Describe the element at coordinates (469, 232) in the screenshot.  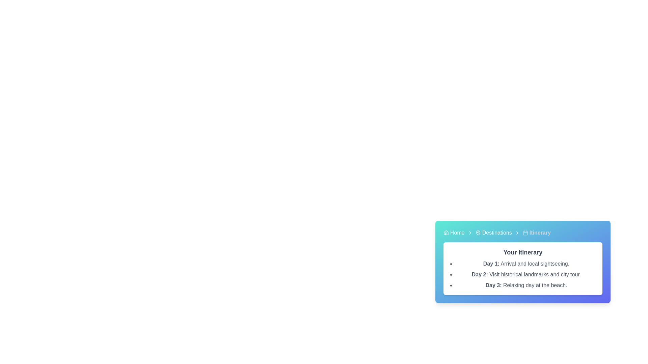
I see `the small right-facing arrow icon, which is located between the 'Home' and 'Destinations' text links in the breadcrumb trail` at that location.